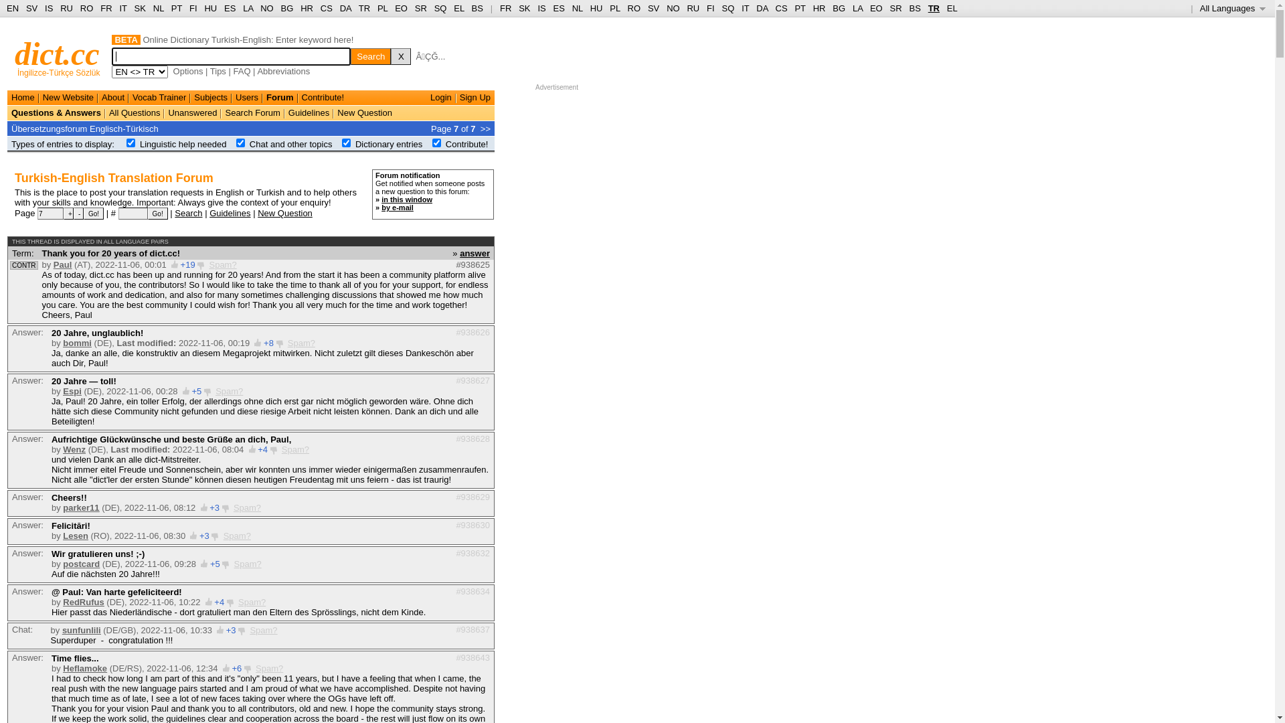  I want to click on 'PL', so click(614, 8).